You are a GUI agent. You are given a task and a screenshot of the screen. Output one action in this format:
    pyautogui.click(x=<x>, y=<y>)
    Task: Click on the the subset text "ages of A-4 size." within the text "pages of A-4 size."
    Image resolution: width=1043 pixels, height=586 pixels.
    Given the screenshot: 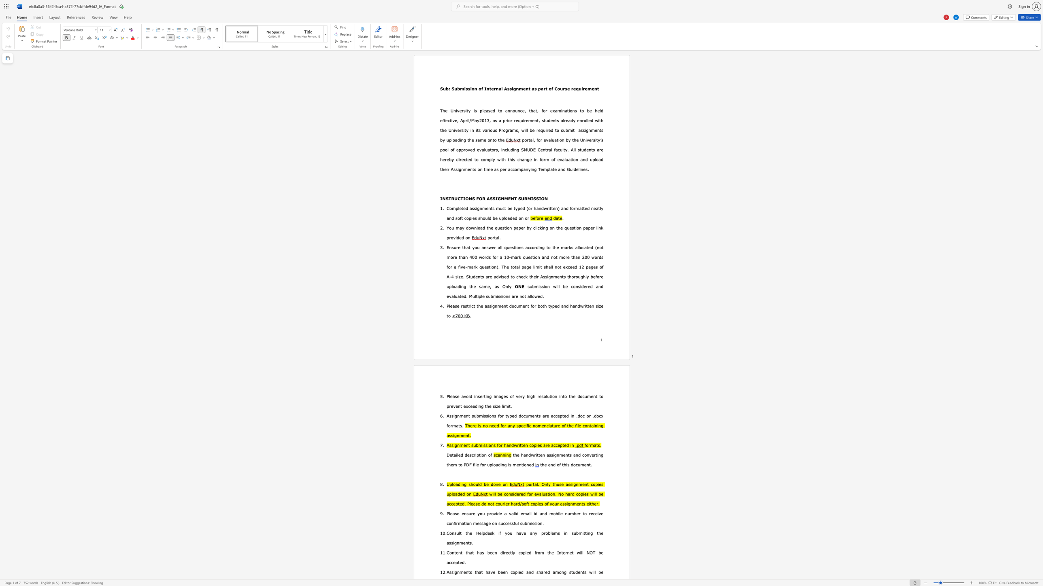 What is the action you would take?
    pyautogui.click(x=588, y=267)
    